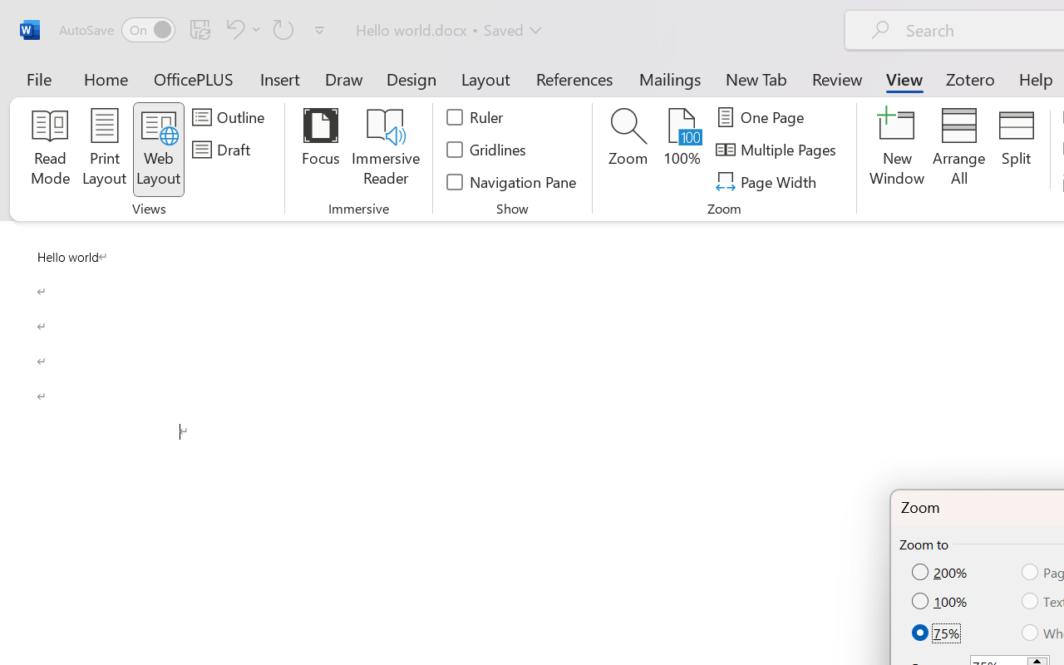 Image resolution: width=1064 pixels, height=665 pixels. What do you see at coordinates (50, 149) in the screenshot?
I see `'Read Mode'` at bounding box center [50, 149].